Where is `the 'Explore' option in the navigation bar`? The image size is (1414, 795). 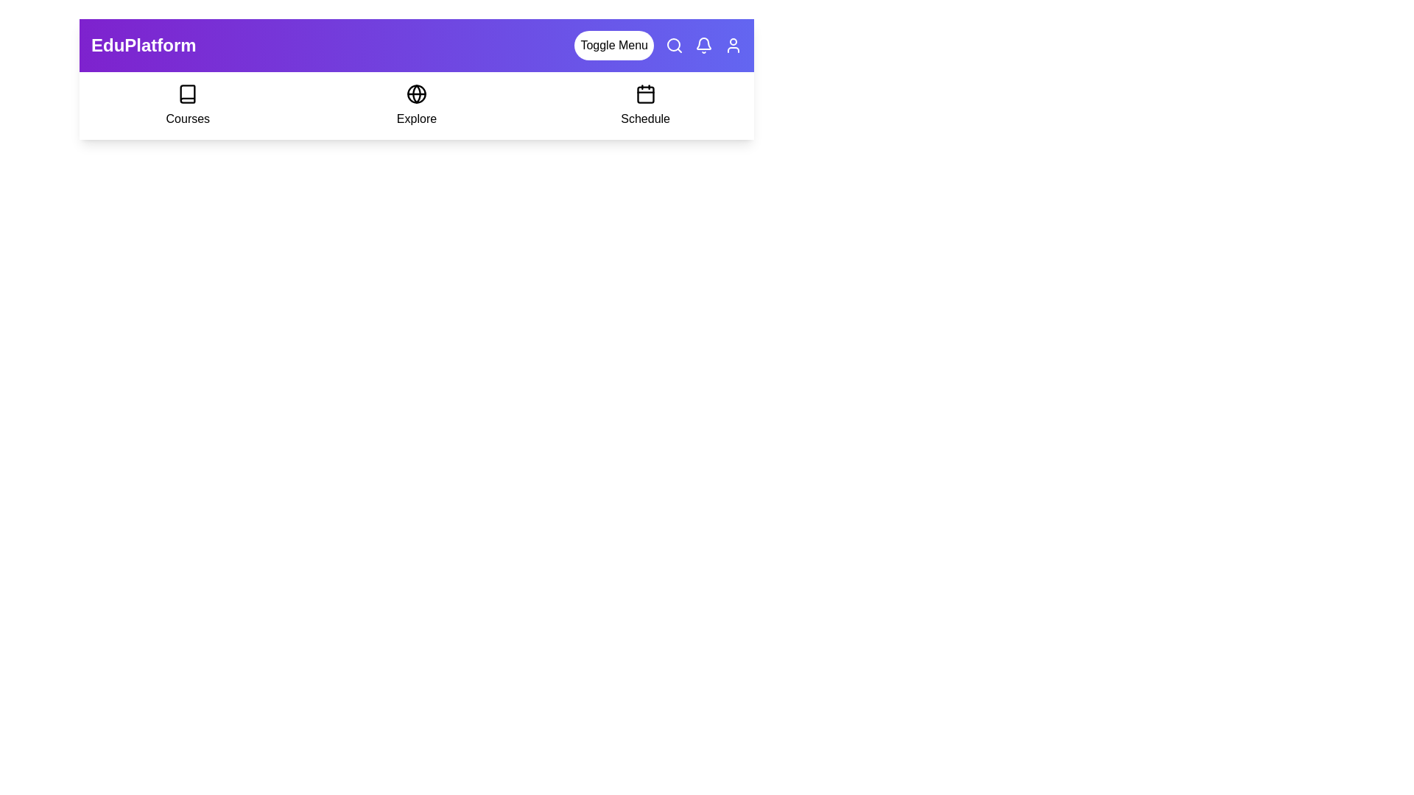
the 'Explore' option in the navigation bar is located at coordinates (416, 105).